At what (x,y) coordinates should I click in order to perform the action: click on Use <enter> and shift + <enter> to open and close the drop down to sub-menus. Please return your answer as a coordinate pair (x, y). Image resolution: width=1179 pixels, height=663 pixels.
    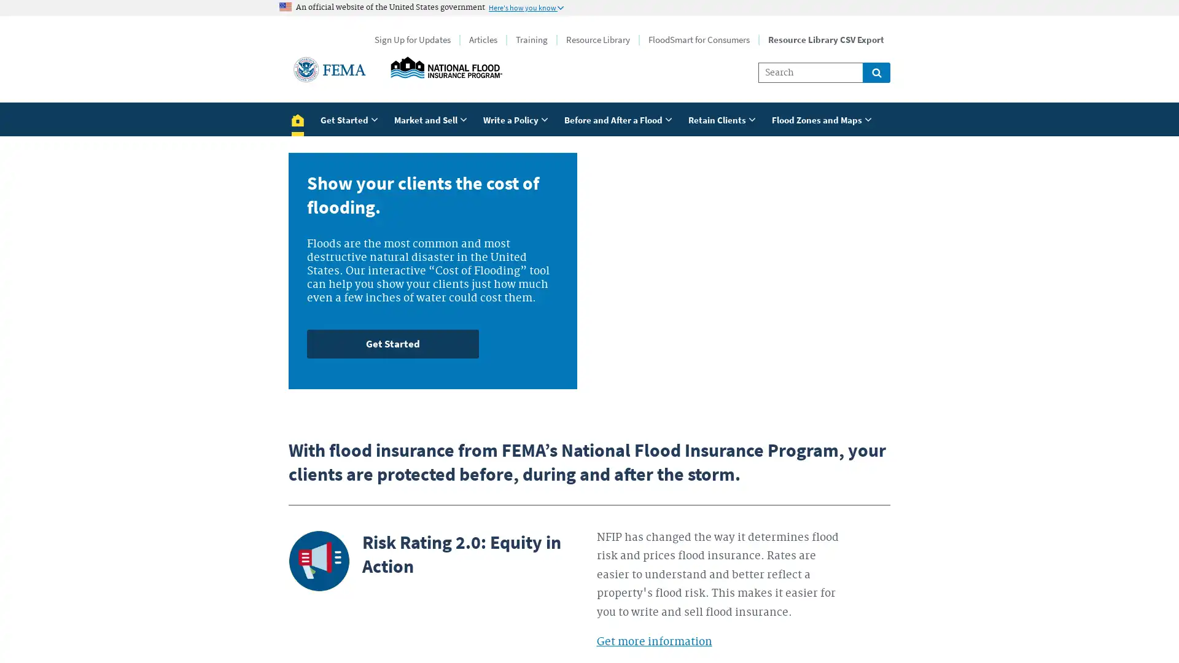
    Looking at the image, I should click on (620, 118).